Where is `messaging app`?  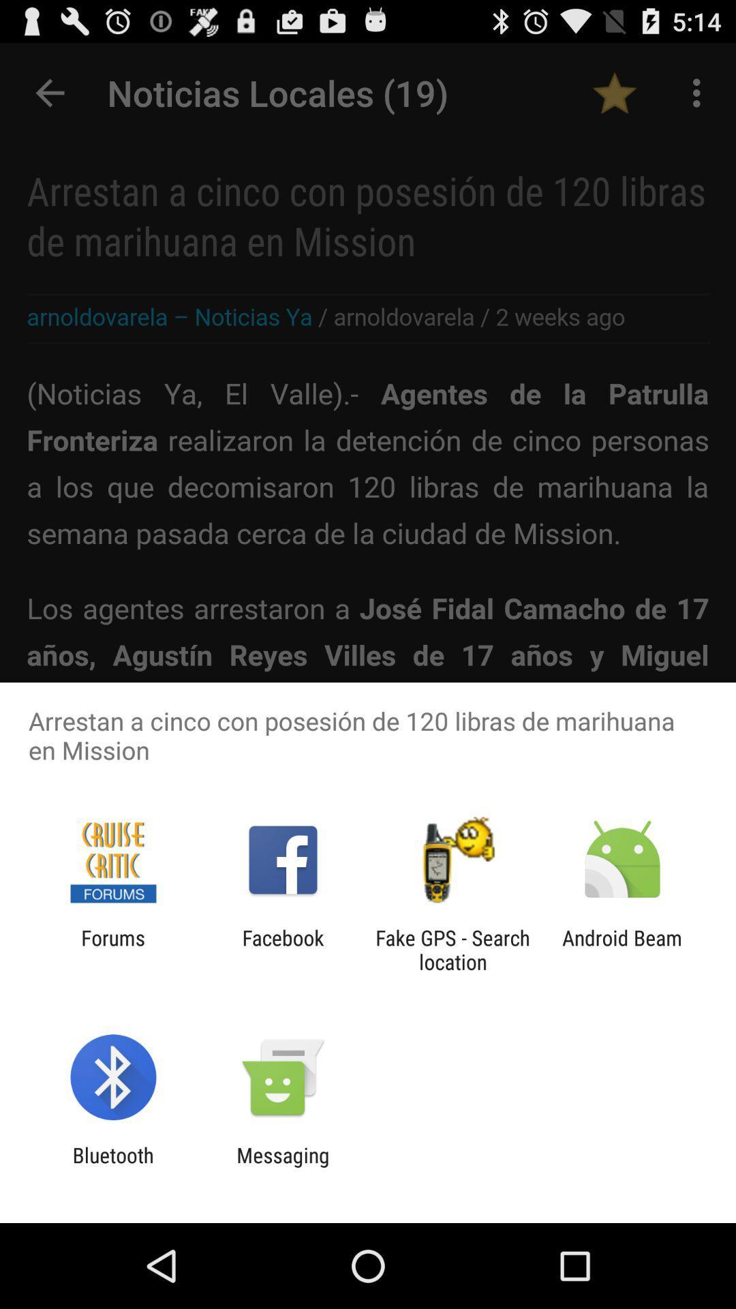 messaging app is located at coordinates (282, 1167).